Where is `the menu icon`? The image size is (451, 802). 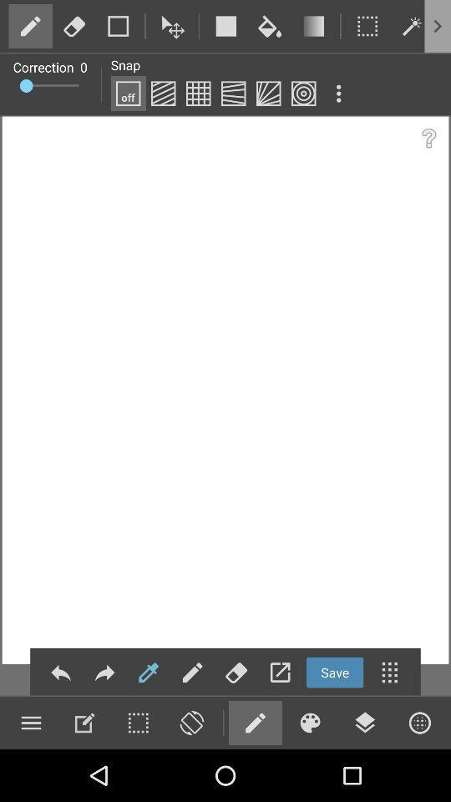 the menu icon is located at coordinates (31, 722).